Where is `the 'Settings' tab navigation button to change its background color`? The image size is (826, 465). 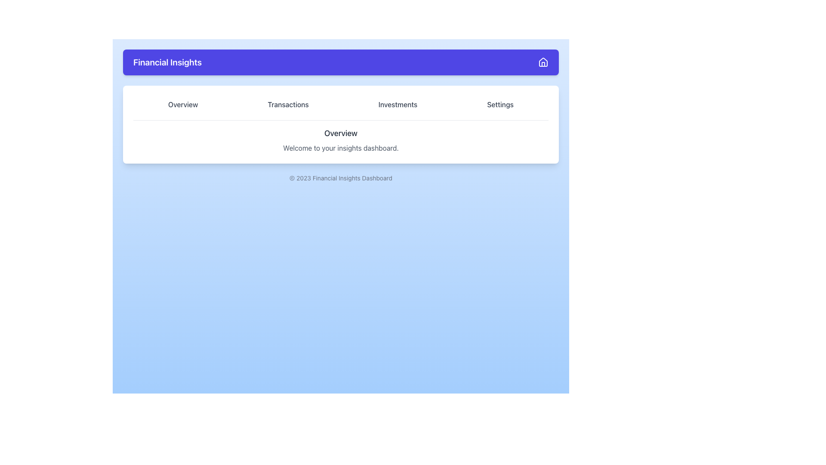 the 'Settings' tab navigation button to change its background color is located at coordinates (500, 104).